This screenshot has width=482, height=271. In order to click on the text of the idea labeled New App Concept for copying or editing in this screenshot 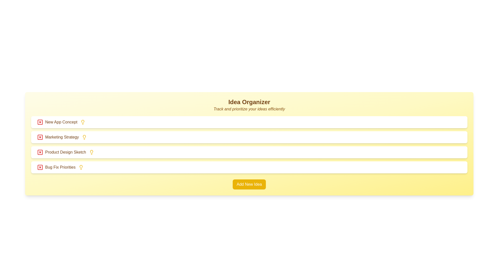, I will do `click(57, 122)`.